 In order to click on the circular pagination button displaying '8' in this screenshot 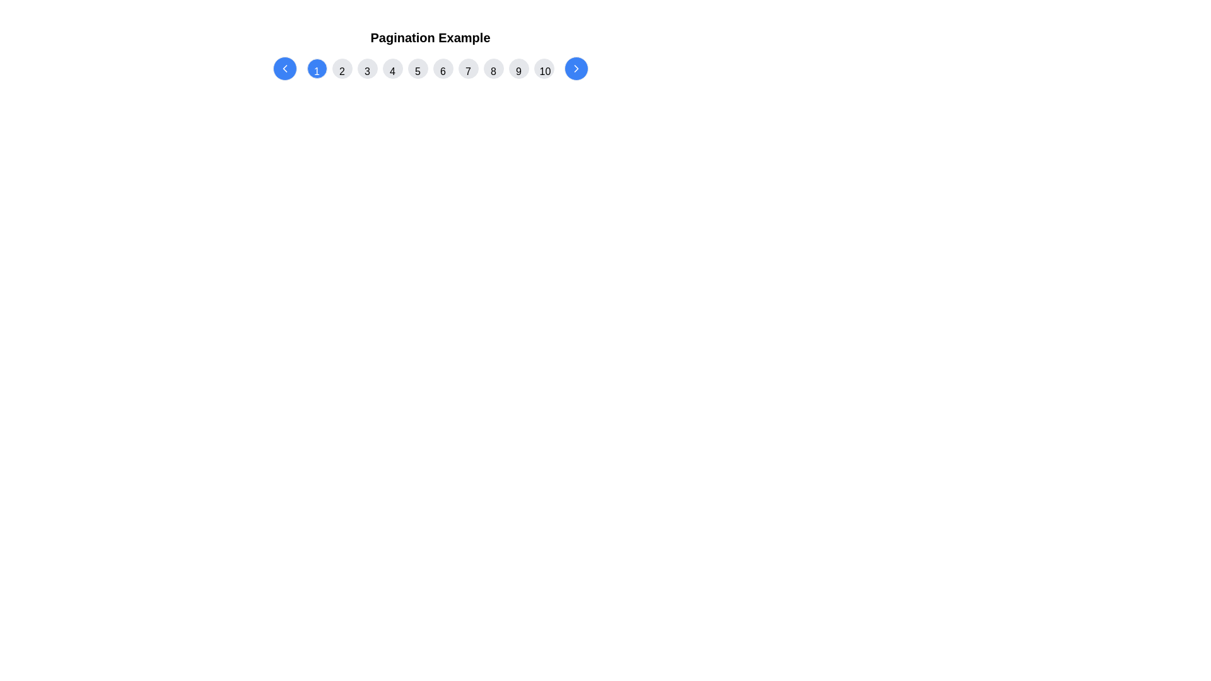, I will do `click(493, 68)`.